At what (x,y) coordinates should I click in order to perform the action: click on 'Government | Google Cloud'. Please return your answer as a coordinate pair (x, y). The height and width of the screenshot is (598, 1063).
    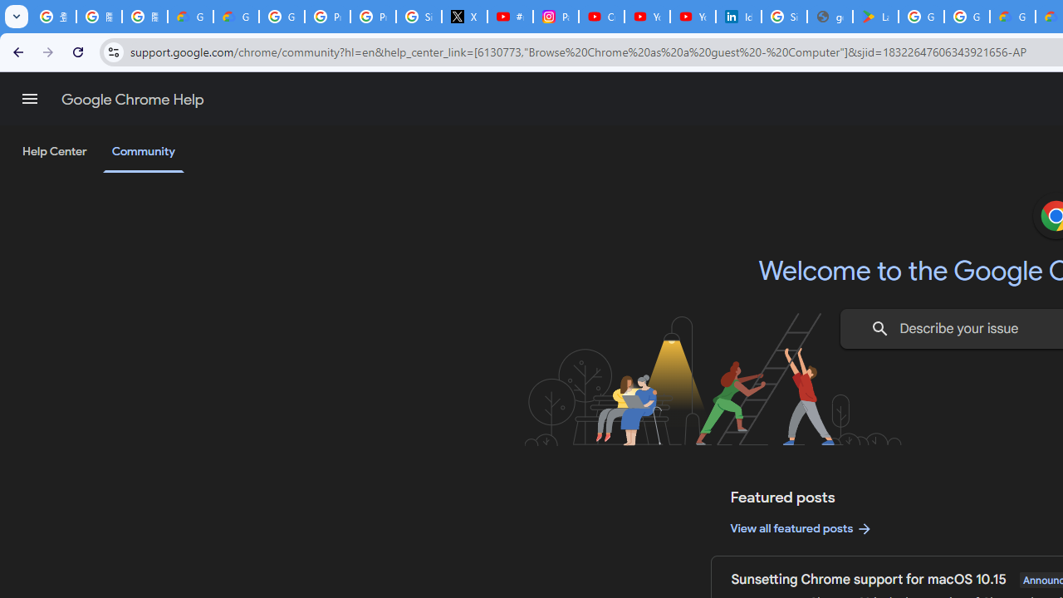
    Looking at the image, I should click on (1012, 17).